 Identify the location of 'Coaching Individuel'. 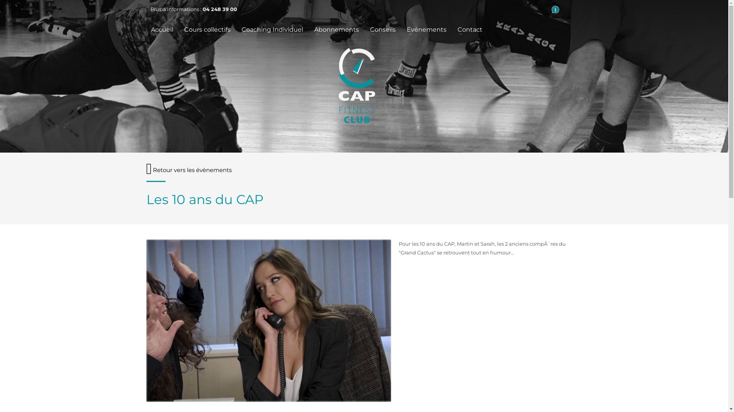
(272, 29).